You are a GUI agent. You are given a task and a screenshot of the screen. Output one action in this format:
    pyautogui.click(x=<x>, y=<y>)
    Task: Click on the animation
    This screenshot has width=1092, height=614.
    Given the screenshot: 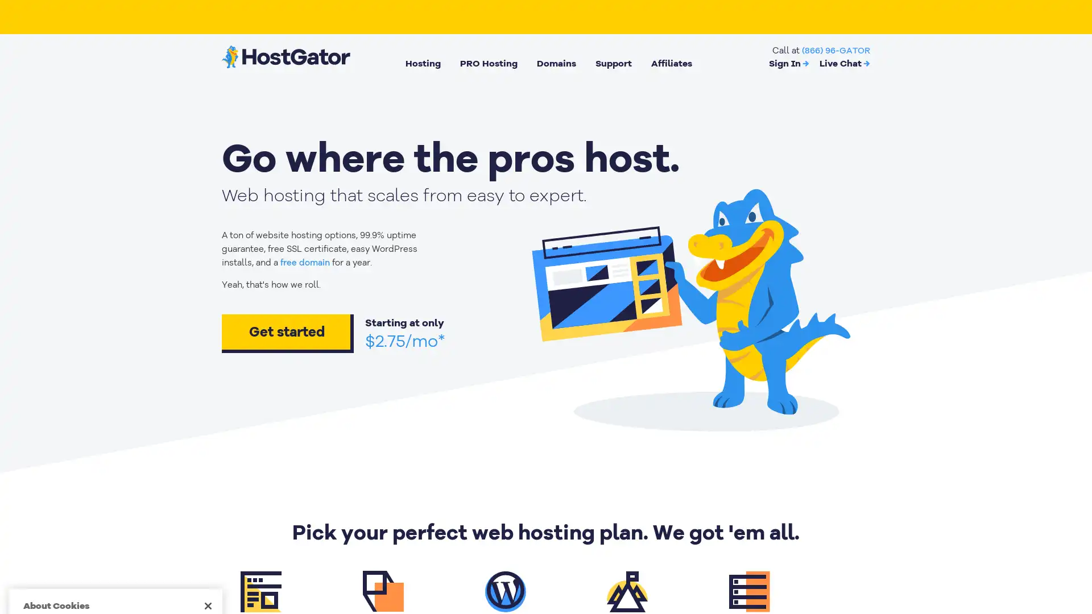 What is the action you would take?
    pyautogui.click(x=689, y=305)
    